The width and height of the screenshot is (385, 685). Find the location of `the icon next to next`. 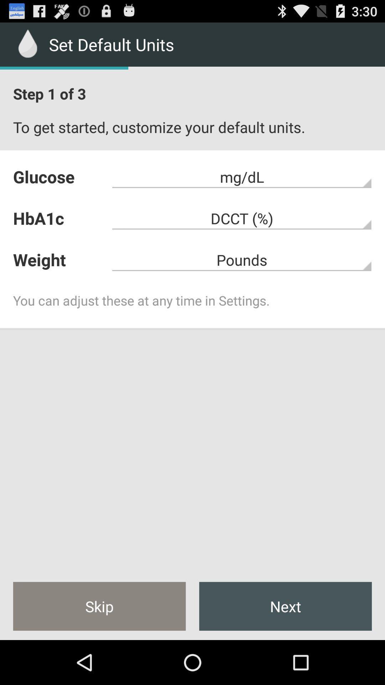

the icon next to next is located at coordinates (99, 606).